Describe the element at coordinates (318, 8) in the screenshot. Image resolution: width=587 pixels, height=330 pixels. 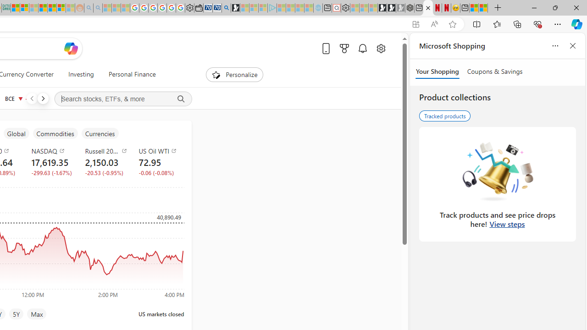
I see `'Home | Sky Blue Bikes - Sky Blue Bikes - Sleeping'` at that location.